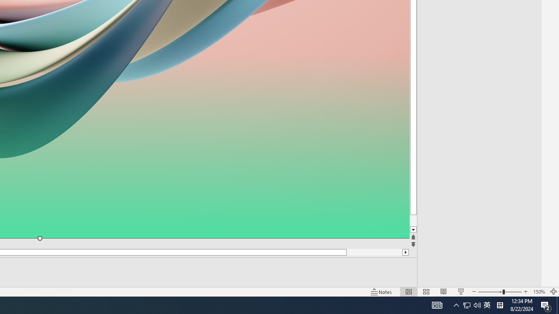 This screenshot has width=559, height=314. I want to click on 'Zoom 150%', so click(538, 292).